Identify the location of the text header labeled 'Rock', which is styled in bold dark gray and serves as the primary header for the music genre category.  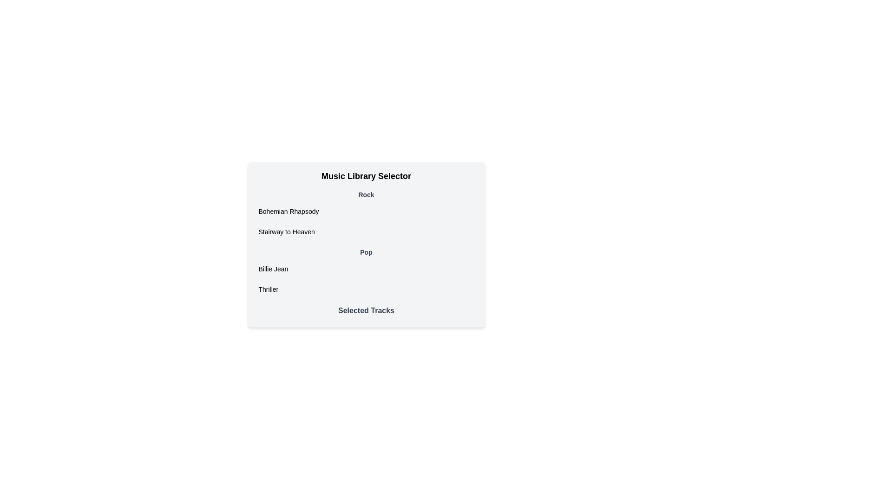
(366, 194).